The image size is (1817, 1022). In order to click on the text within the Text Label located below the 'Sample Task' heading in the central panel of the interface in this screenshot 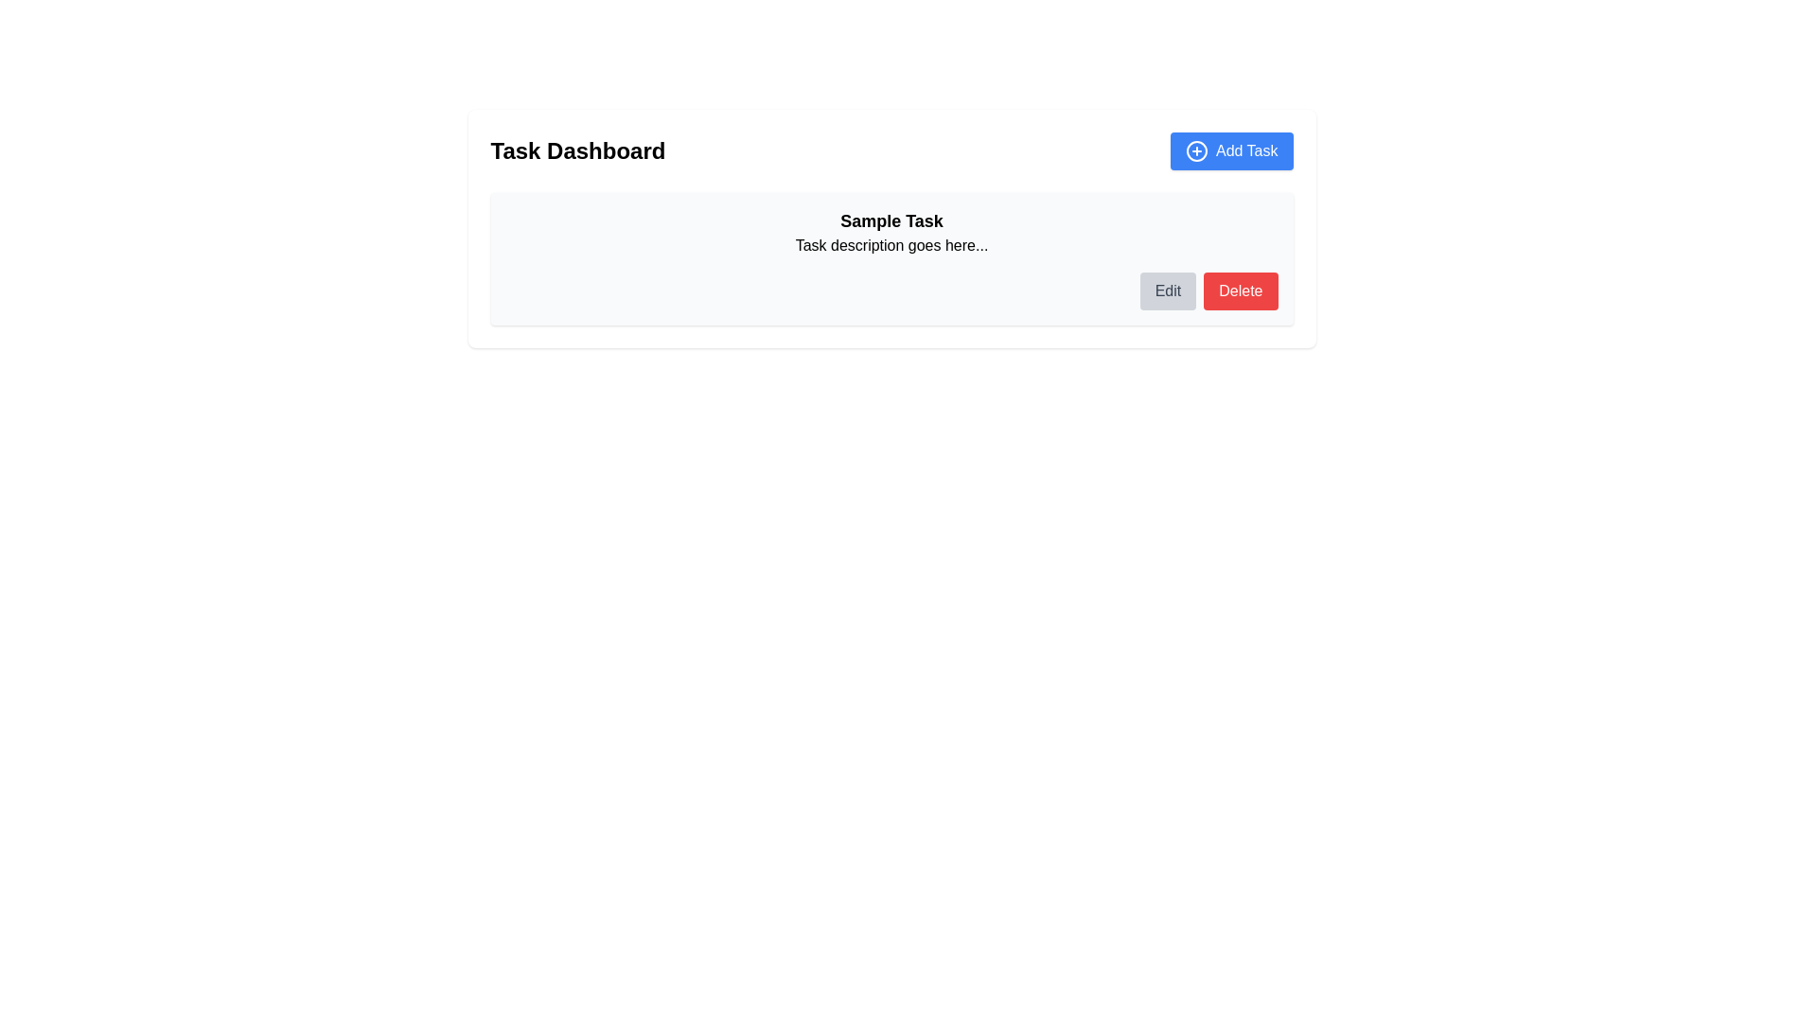, I will do `click(891, 244)`.